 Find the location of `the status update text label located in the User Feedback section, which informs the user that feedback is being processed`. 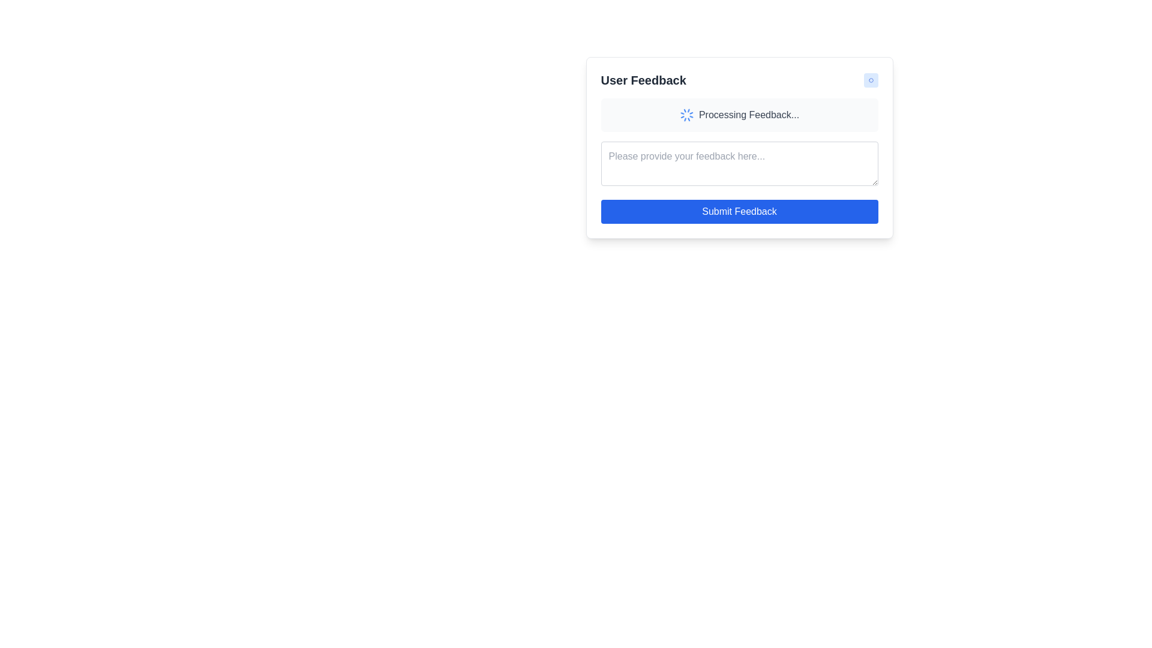

the status update text label located in the User Feedback section, which informs the user that feedback is being processed is located at coordinates (748, 115).